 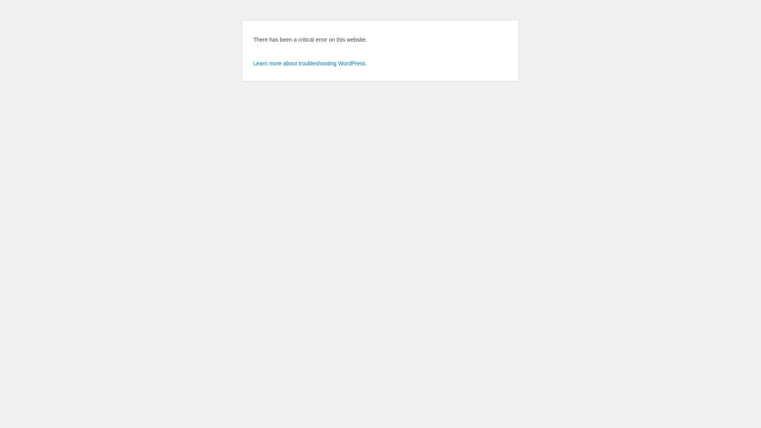 I want to click on 'Learn more about troubleshooting WordPress.', so click(x=310, y=63).